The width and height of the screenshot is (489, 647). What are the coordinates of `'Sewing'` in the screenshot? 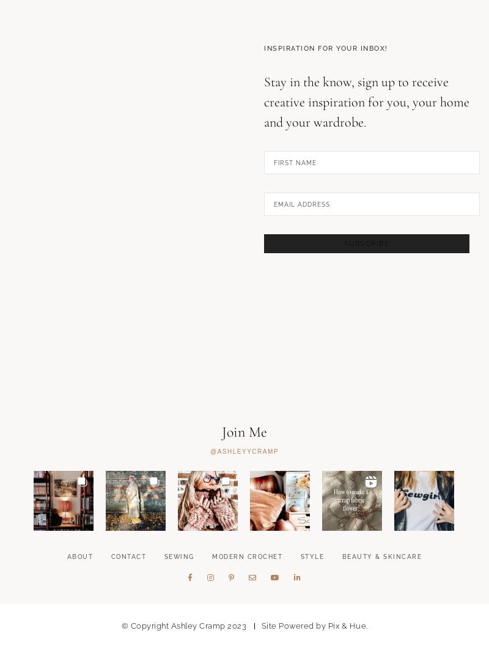 It's located at (178, 618).